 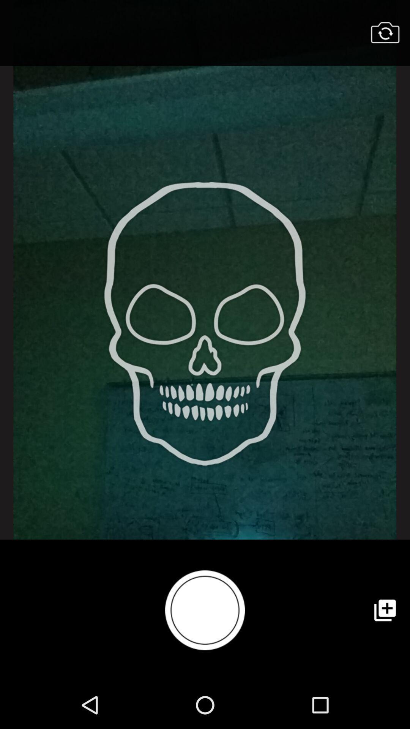 I want to click on the add icon, so click(x=385, y=610).